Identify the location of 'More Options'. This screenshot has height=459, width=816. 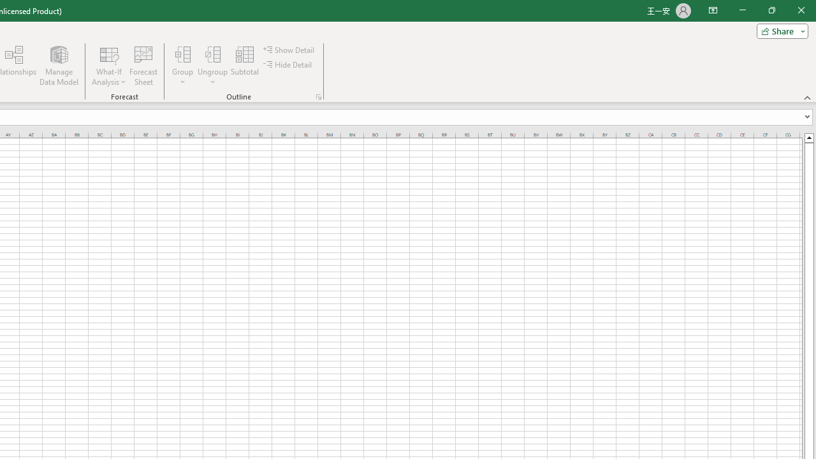
(213, 77).